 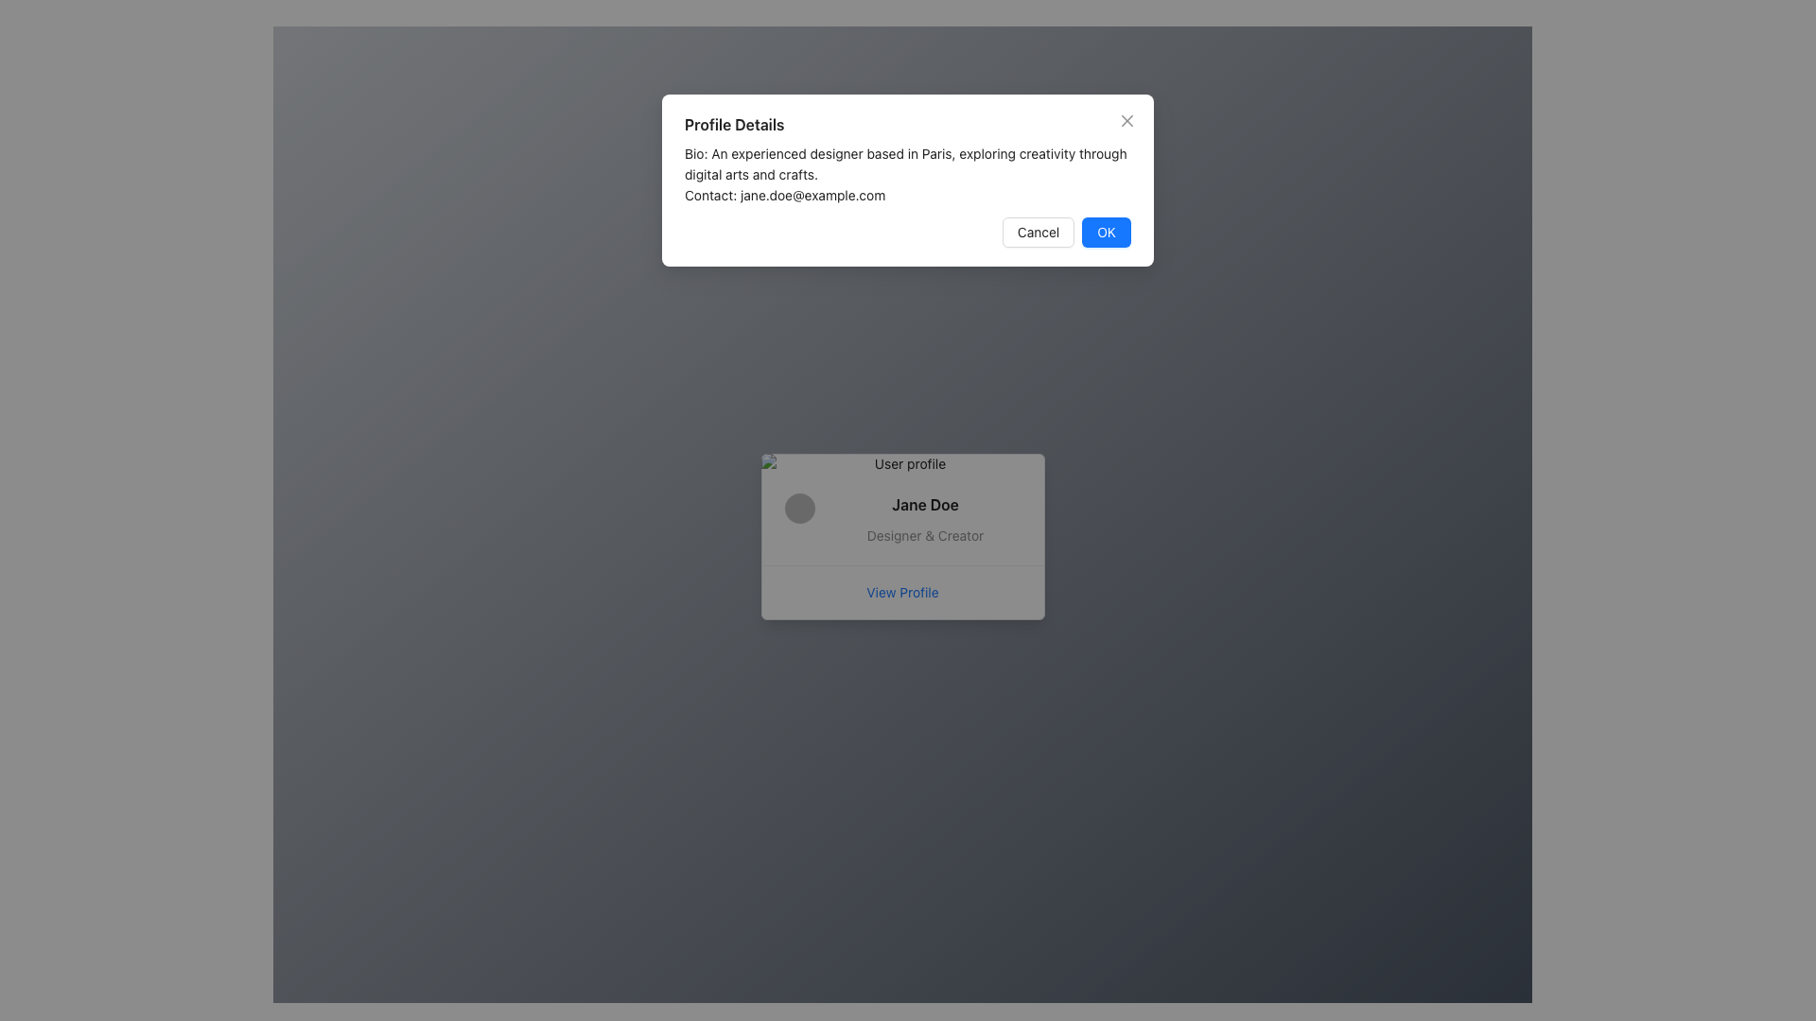 I want to click on text from the Profile Information Card Section located centrally within the 'User profile' modal dialog, beneath the title and aligned with the avatar image, so click(x=901, y=519).